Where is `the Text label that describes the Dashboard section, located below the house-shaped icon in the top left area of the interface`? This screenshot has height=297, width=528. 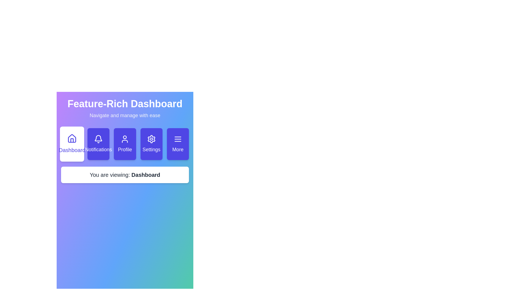
the Text label that describes the Dashboard section, located below the house-shaped icon in the top left area of the interface is located at coordinates (72, 150).